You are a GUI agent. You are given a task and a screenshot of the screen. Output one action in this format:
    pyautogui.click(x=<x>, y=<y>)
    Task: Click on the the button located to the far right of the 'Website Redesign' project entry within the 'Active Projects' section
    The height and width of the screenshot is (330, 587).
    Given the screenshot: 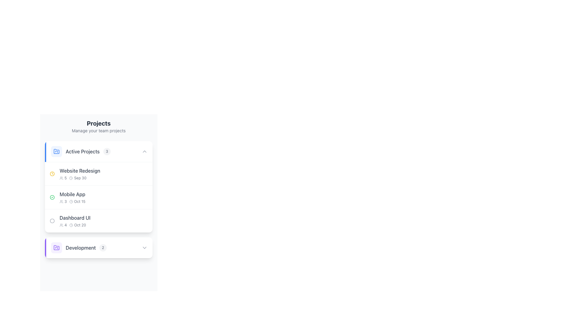 What is the action you would take?
    pyautogui.click(x=143, y=174)
    